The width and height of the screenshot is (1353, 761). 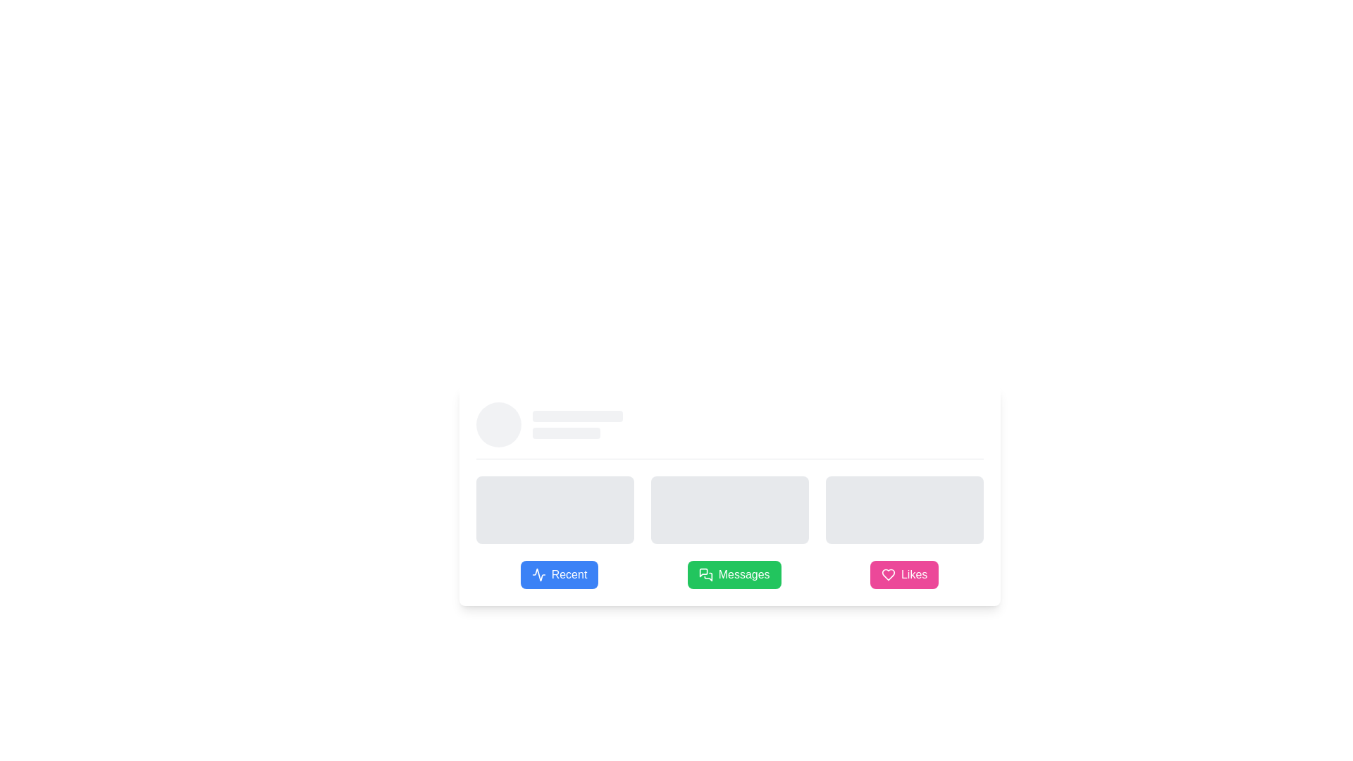 What do you see at coordinates (734, 575) in the screenshot?
I see `the 'Messages' button, which has a green background and white text` at bounding box center [734, 575].